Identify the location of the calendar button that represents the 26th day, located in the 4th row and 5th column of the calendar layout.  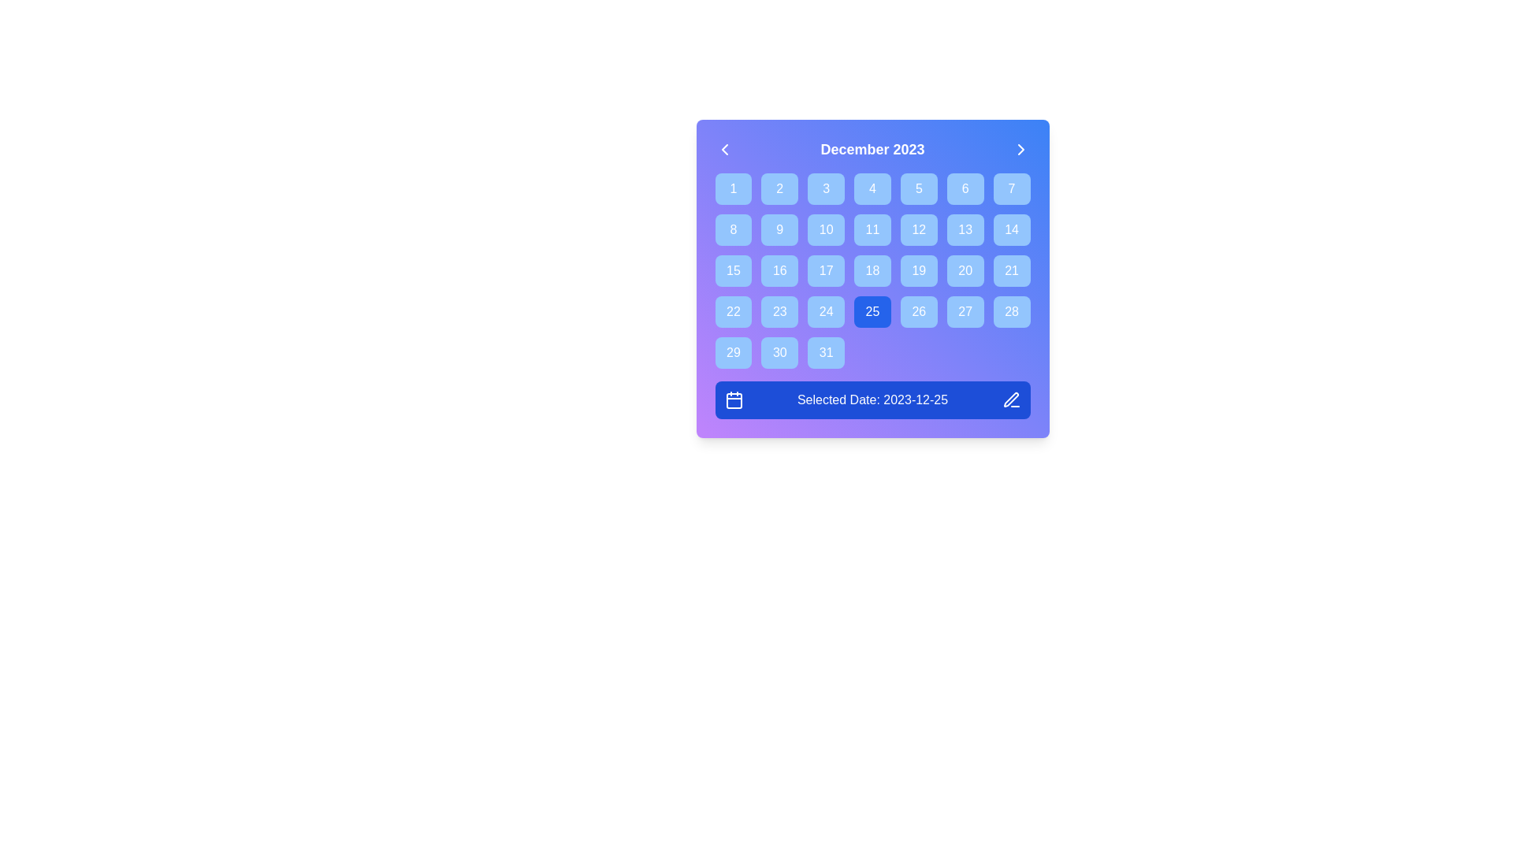
(919, 312).